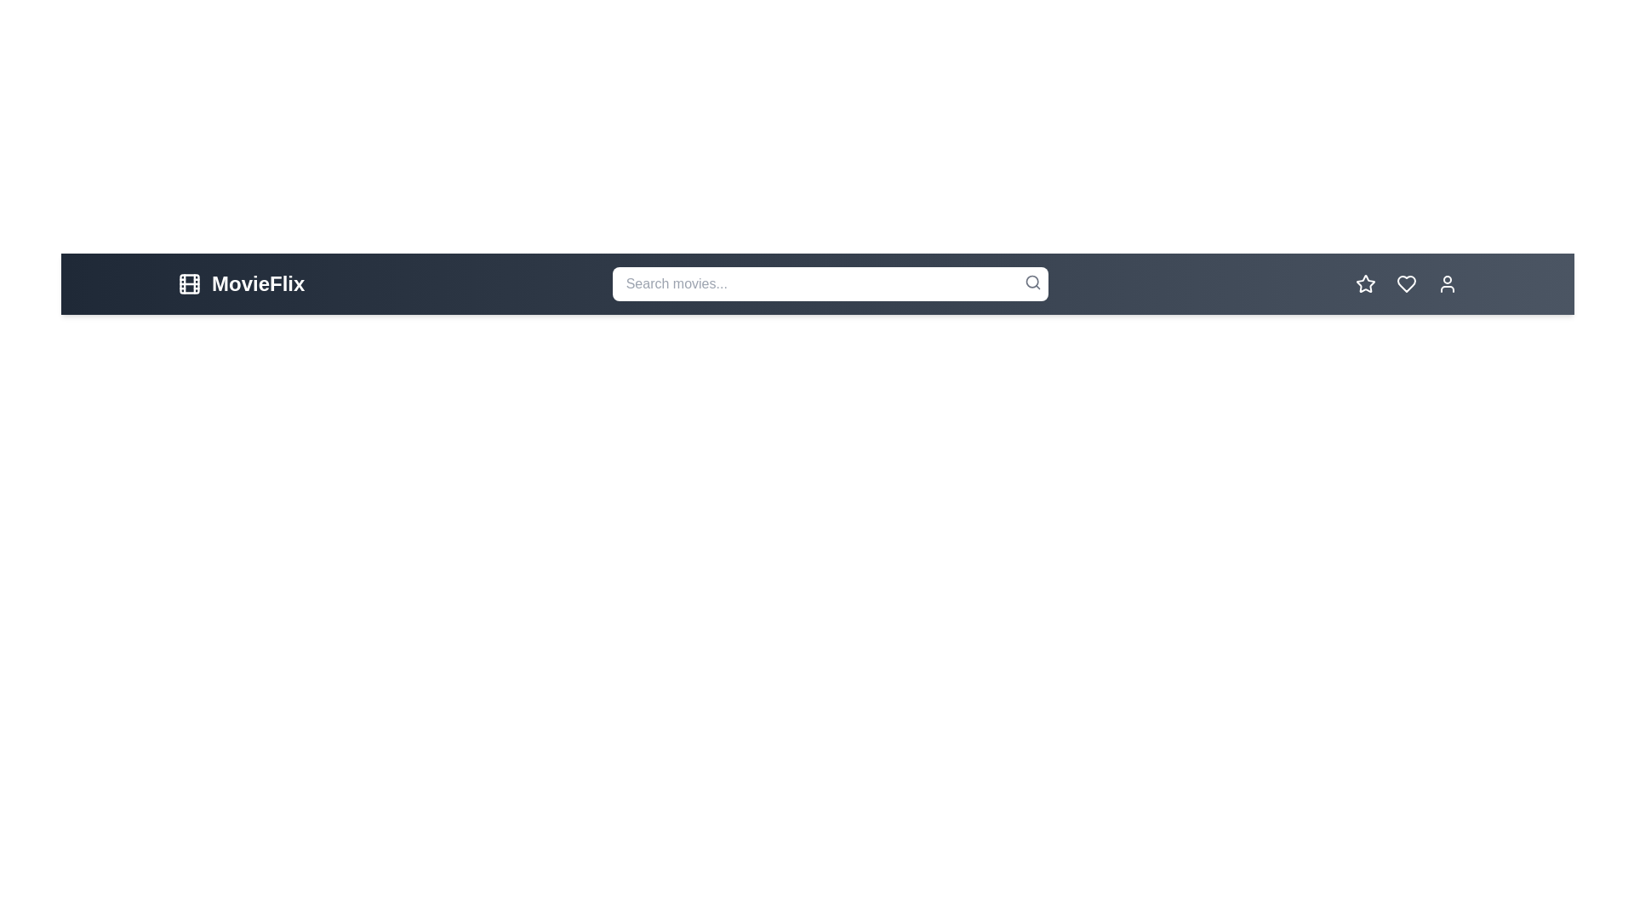 This screenshot has height=919, width=1634. Describe the element at coordinates (240, 283) in the screenshot. I see `the MovieFlix logo to interact with the branding element` at that location.